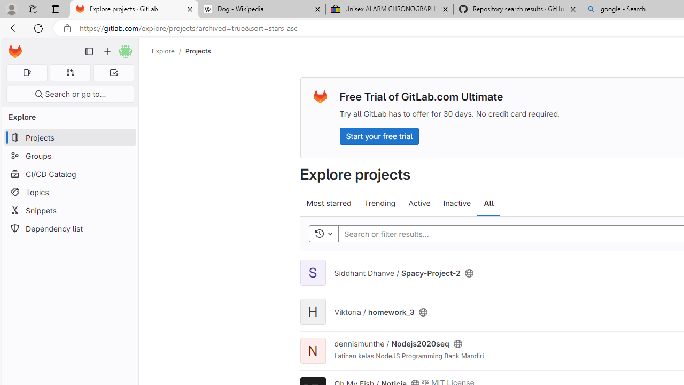 This screenshot has width=684, height=385. Describe the element at coordinates (374, 311) in the screenshot. I see `'Viktoria / homework_3'` at that location.